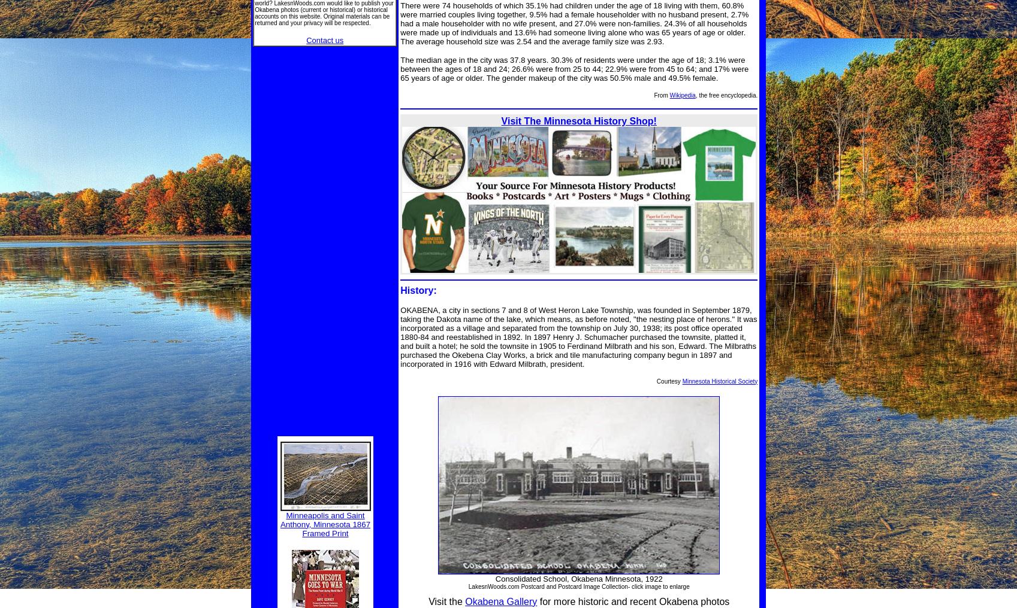 This screenshot has height=608, width=1017. What do you see at coordinates (578, 586) in the screenshot?
I see `'LakesnWoods.com Postcard and Postcard Image Collection- click image to enlarge'` at bounding box center [578, 586].